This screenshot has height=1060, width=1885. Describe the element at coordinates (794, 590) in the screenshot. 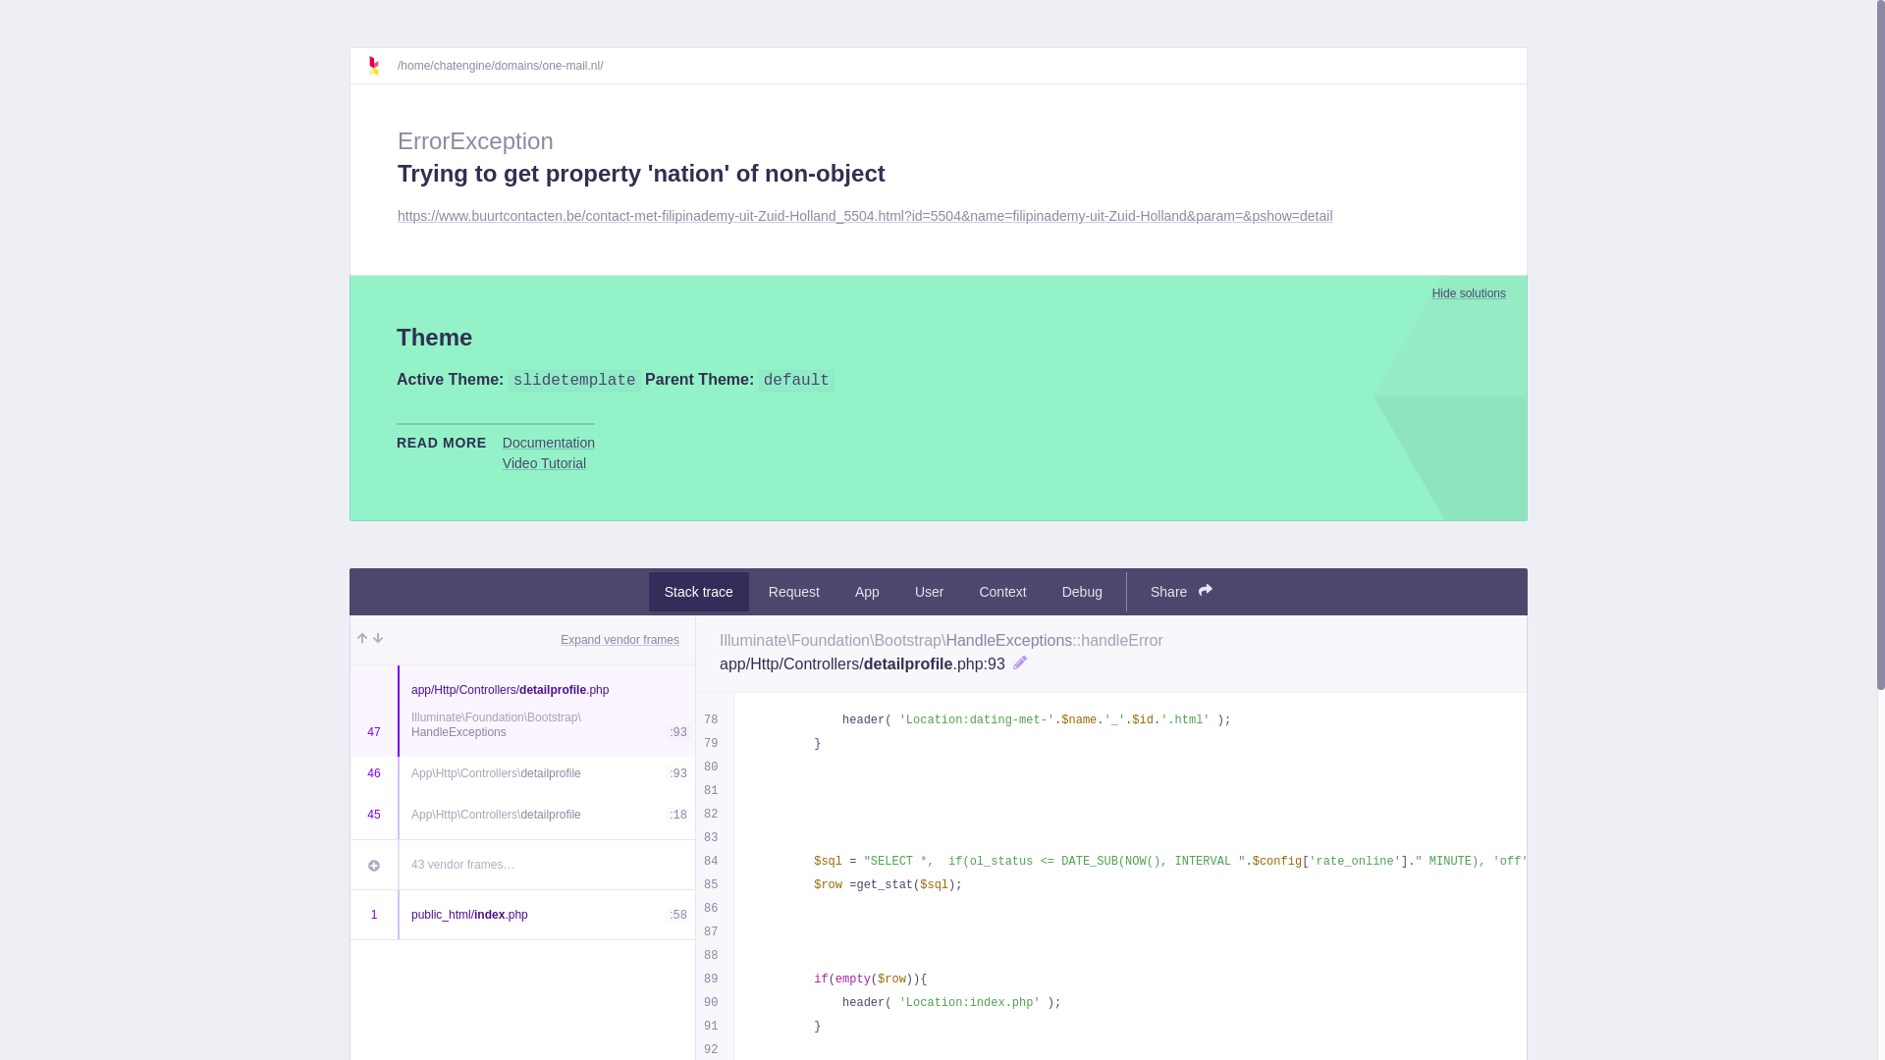

I see `'Request'` at that location.